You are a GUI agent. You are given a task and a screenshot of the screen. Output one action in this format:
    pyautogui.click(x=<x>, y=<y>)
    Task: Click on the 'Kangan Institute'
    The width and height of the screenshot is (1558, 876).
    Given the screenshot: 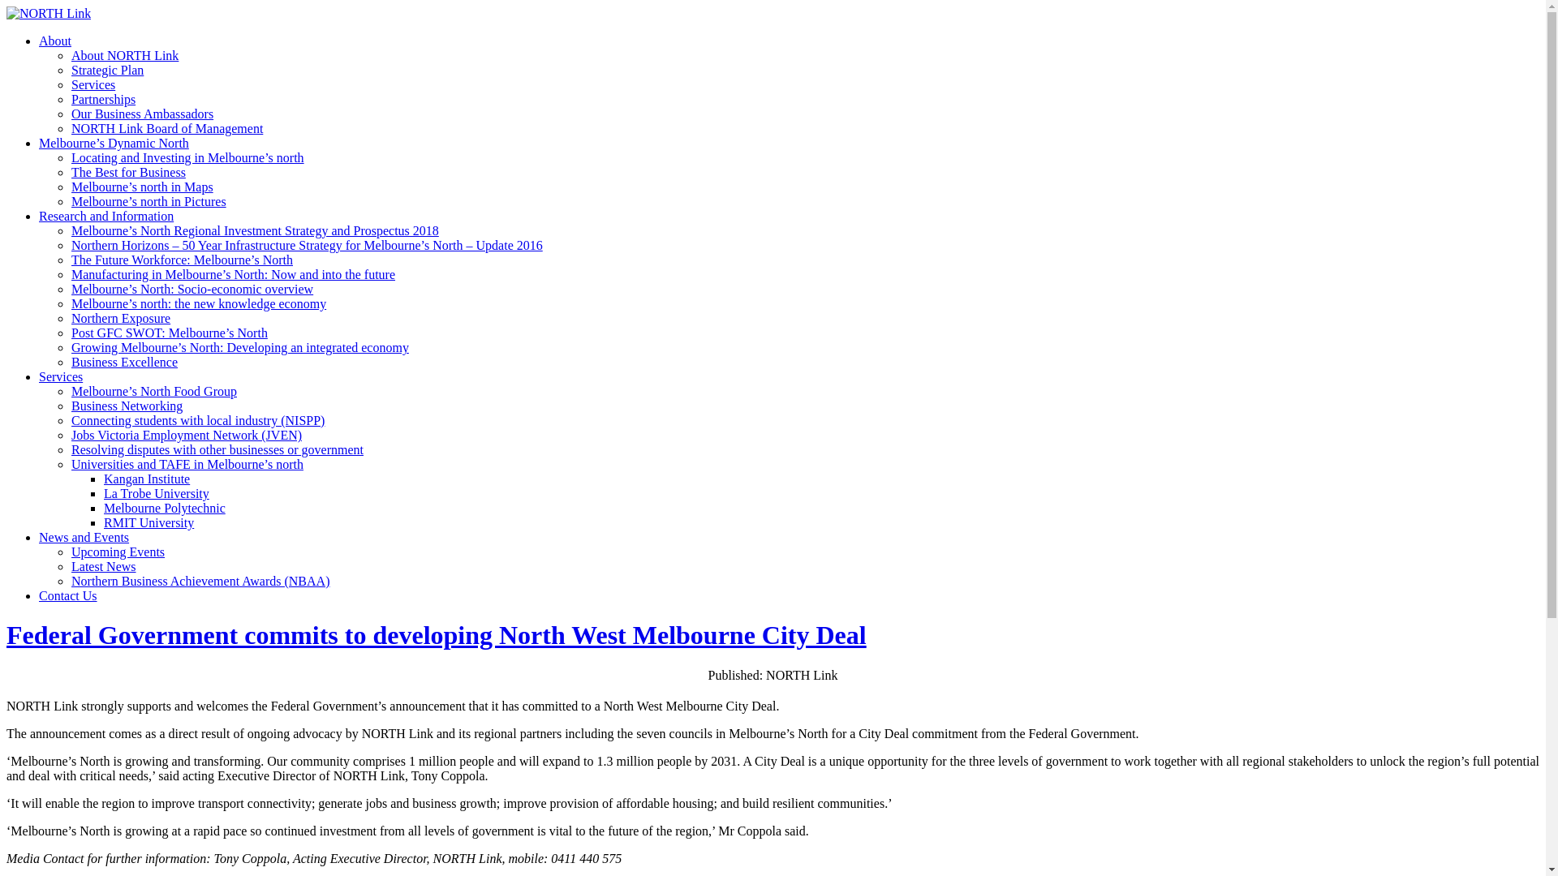 What is the action you would take?
    pyautogui.click(x=147, y=478)
    